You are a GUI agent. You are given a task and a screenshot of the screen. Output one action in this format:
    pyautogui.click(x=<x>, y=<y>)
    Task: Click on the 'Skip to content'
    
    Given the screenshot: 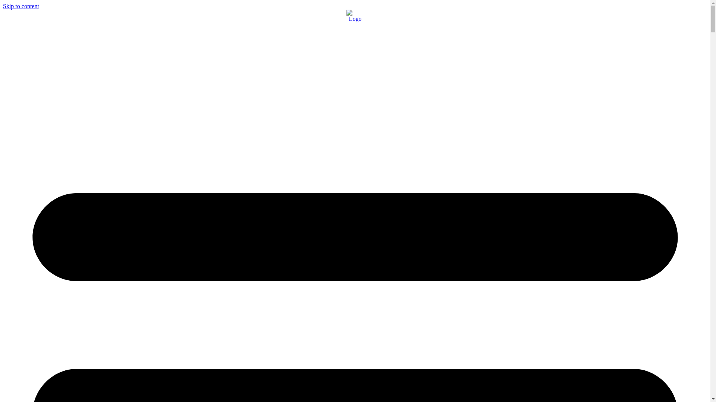 What is the action you would take?
    pyautogui.click(x=3, y=6)
    